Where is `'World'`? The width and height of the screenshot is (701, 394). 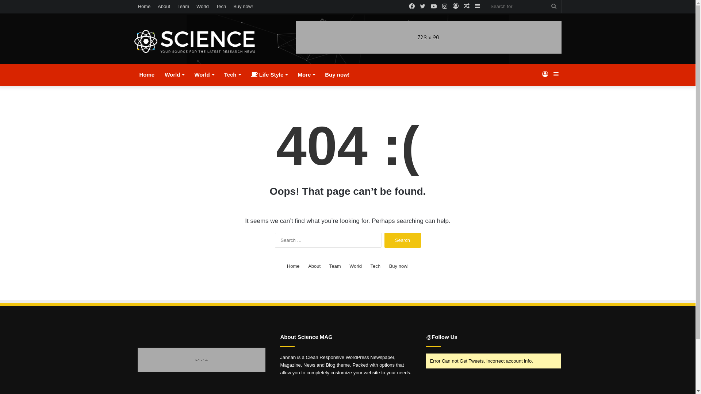 'World' is located at coordinates (356, 266).